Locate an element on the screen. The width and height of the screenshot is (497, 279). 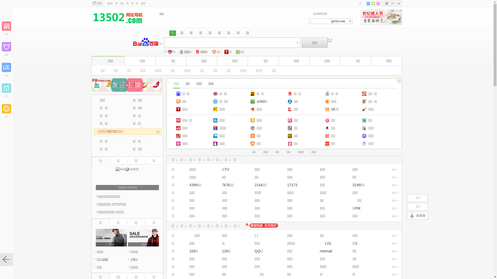
'17173' is located at coordinates (292, 185).